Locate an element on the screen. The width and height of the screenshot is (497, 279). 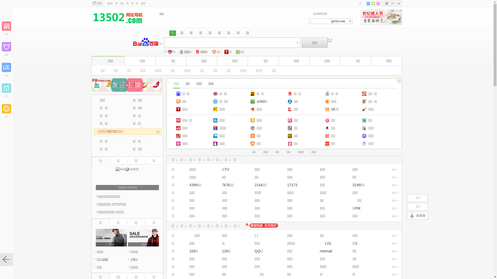
'17173' is located at coordinates (292, 185).